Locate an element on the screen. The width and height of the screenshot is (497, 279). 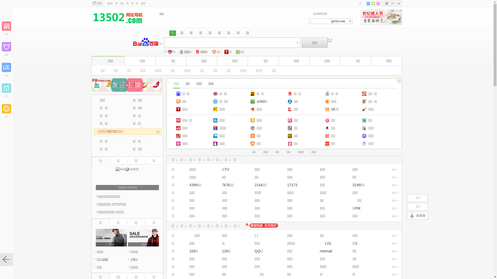
'17173' is located at coordinates (292, 185).